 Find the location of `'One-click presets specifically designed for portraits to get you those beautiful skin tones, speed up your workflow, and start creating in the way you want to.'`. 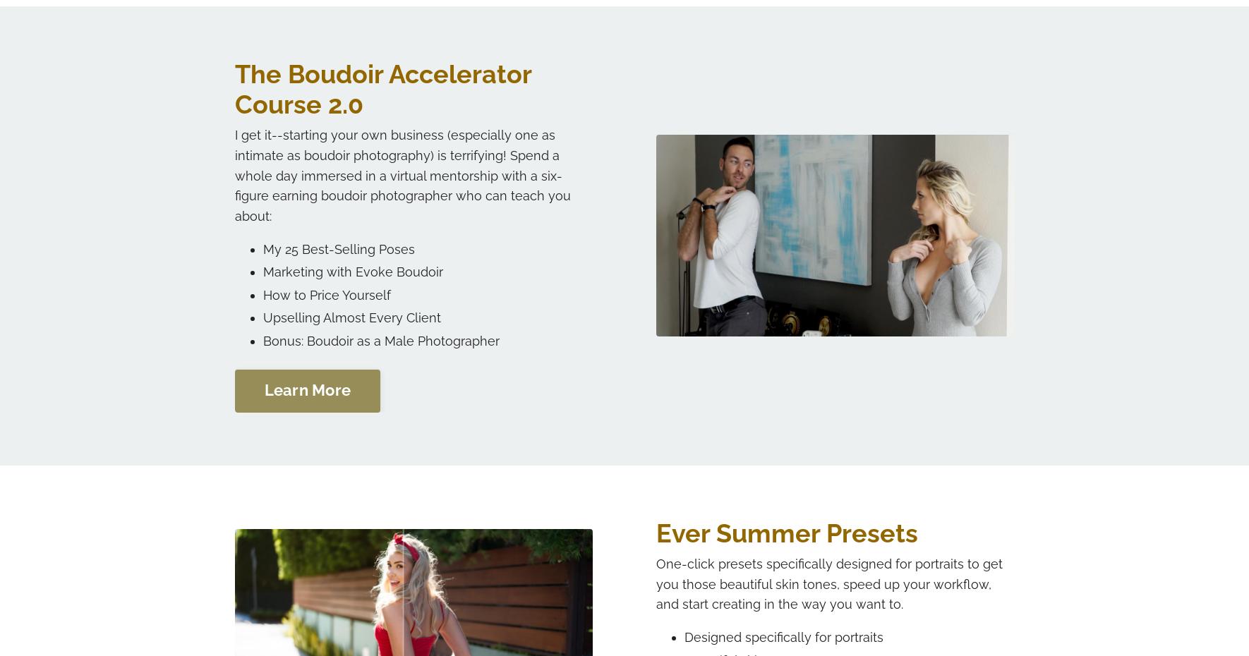

'One-click presets specifically designed for portraits to get you those beautiful skin tones, speed up your workflow, and start creating in the way you want to.' is located at coordinates (829, 583).